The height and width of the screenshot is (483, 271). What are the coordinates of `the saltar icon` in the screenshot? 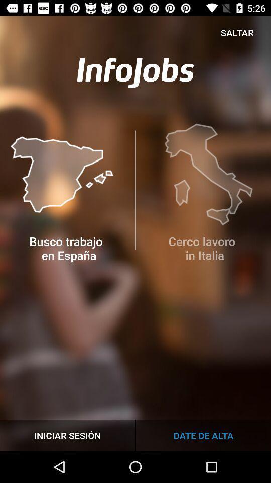 It's located at (237, 32).